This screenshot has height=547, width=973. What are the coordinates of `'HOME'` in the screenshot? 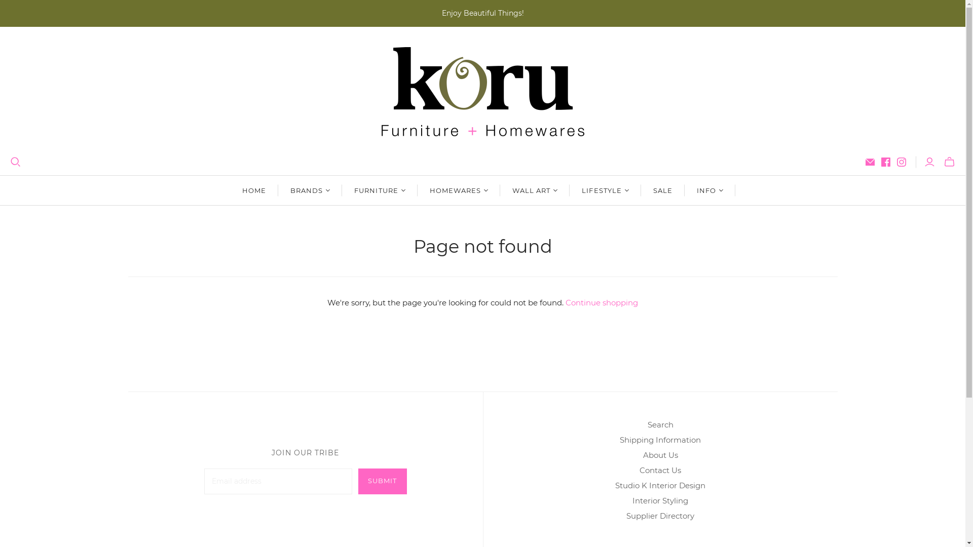 It's located at (230, 190).